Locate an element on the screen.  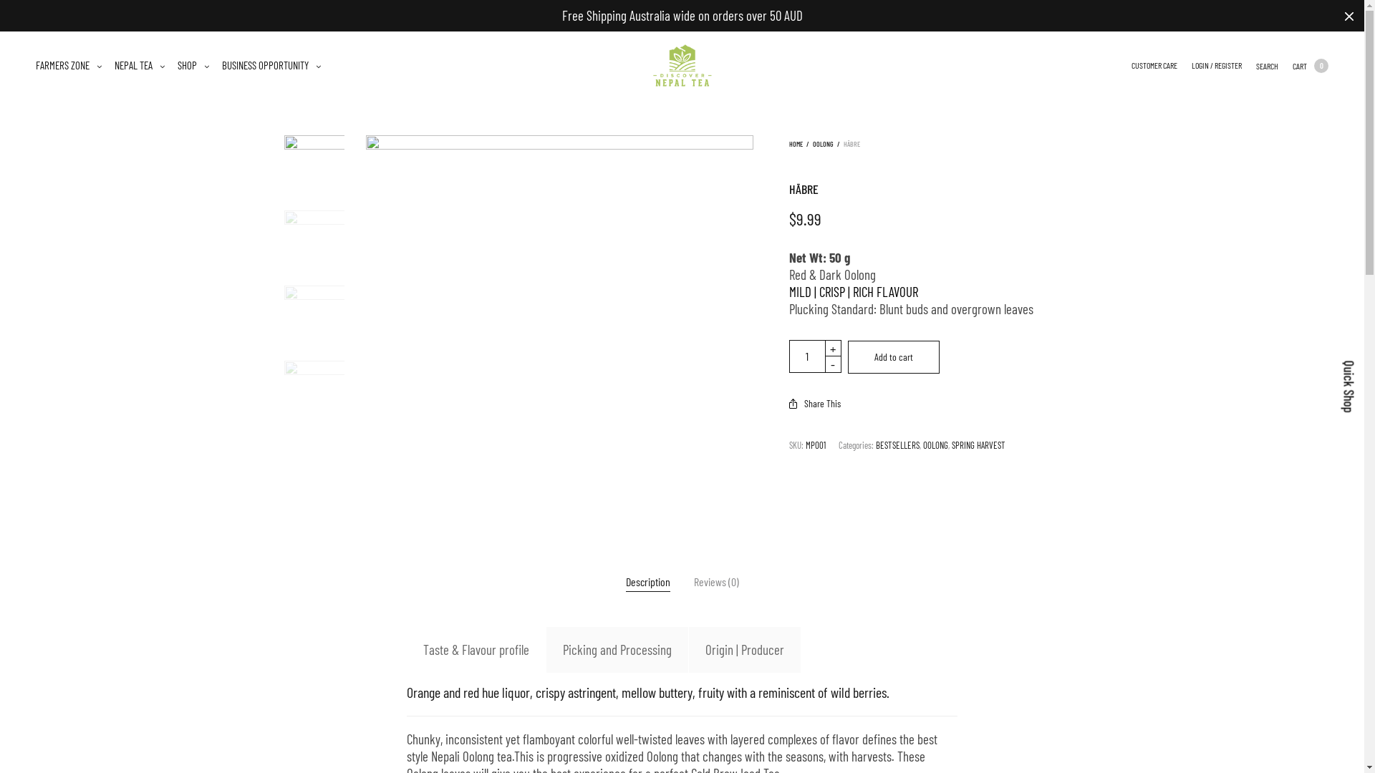
'darkooloong_lid_nepaltea' is located at coordinates (314, 315).